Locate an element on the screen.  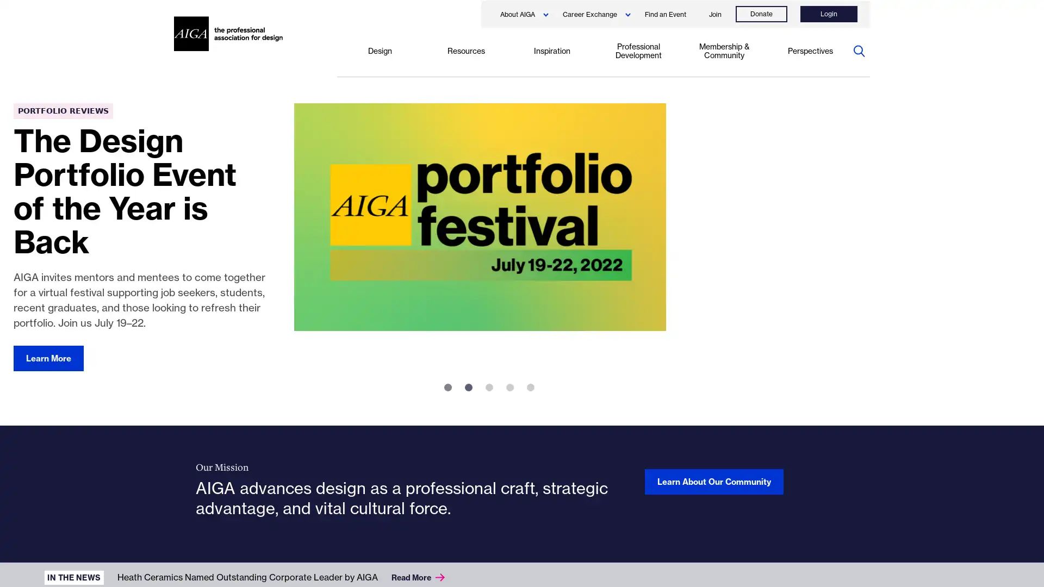
3 of 5 is located at coordinates (489, 387).